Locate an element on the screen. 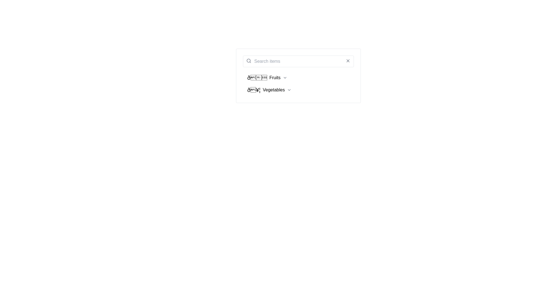 This screenshot has width=535, height=300. the downward-pointing chevron icon located to the far right of the 'Fruits' label is located at coordinates (285, 78).